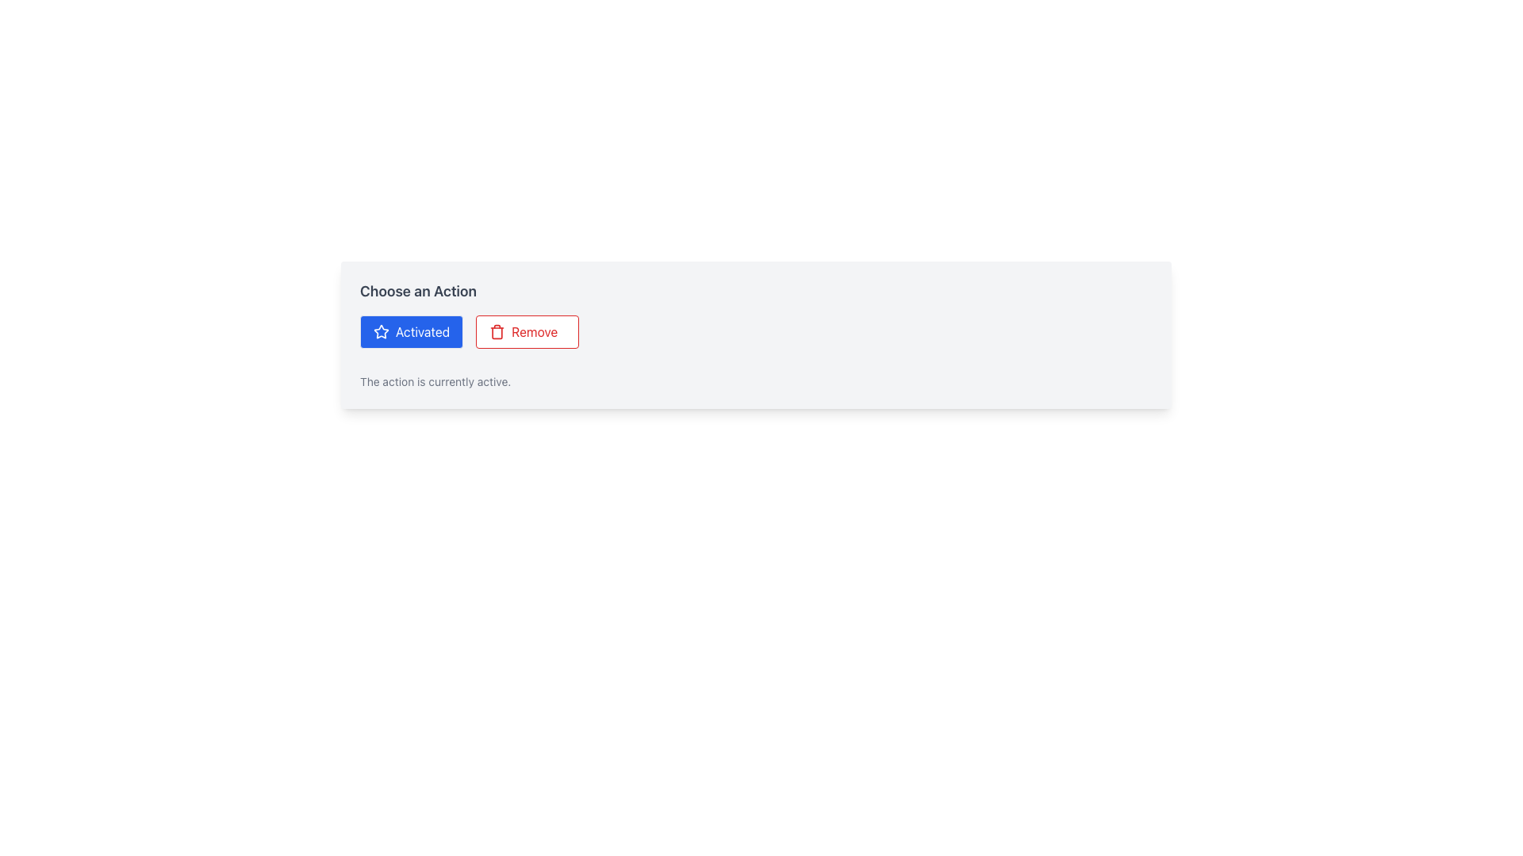 The image size is (1523, 856). I want to click on the 'Remove' button, which is the second button in a grid layout with a red color theme and a trash bin icon, so click(527, 331).